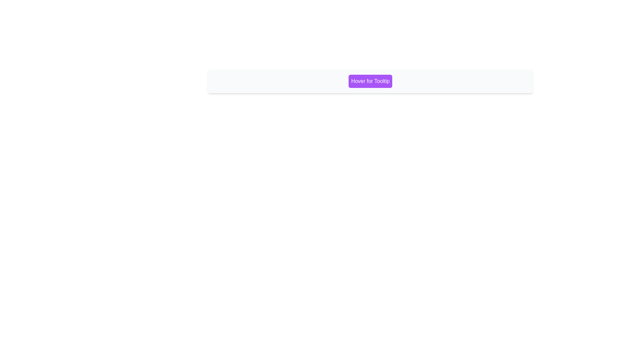 The height and width of the screenshot is (357, 635). I want to click on the purple button labeled 'Hover for Tooltip' which is located near the center of the light gray section within the white panel, so click(370, 81).